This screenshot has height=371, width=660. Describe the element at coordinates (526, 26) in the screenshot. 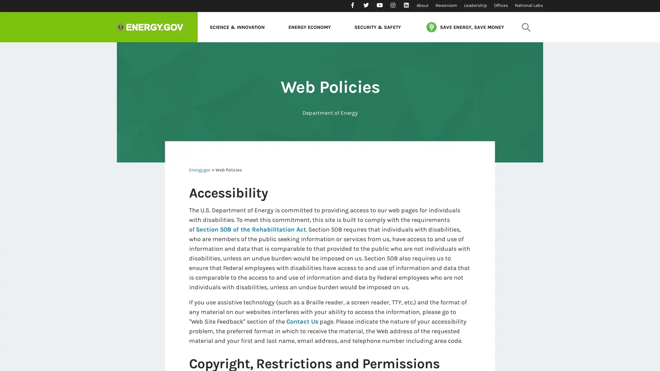

I see `submit` at that location.